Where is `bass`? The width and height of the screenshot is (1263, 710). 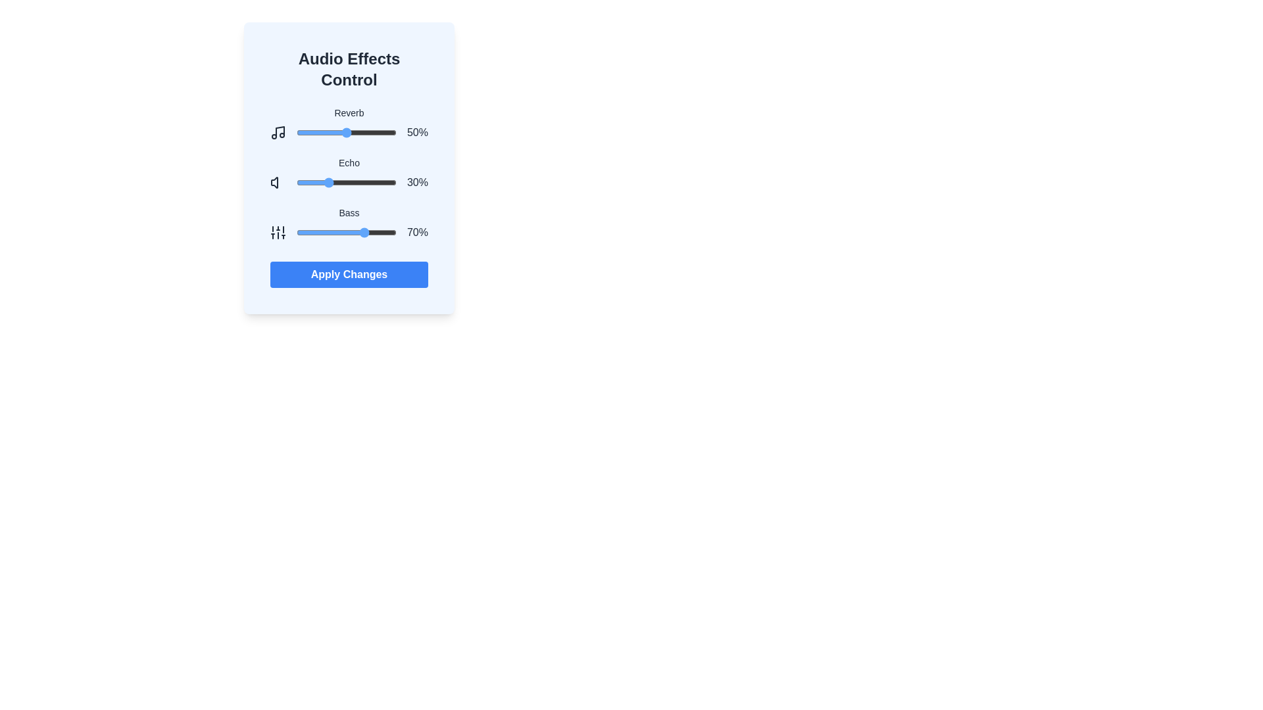 bass is located at coordinates (366, 232).